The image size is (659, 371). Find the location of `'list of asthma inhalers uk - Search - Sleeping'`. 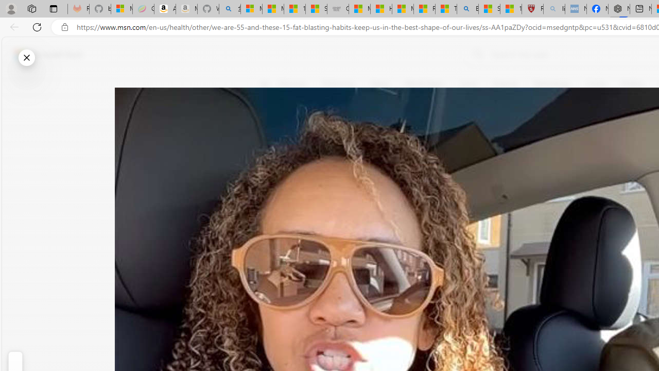

'list of asthma inhalers uk - Search - Sleeping' is located at coordinates (553, 9).